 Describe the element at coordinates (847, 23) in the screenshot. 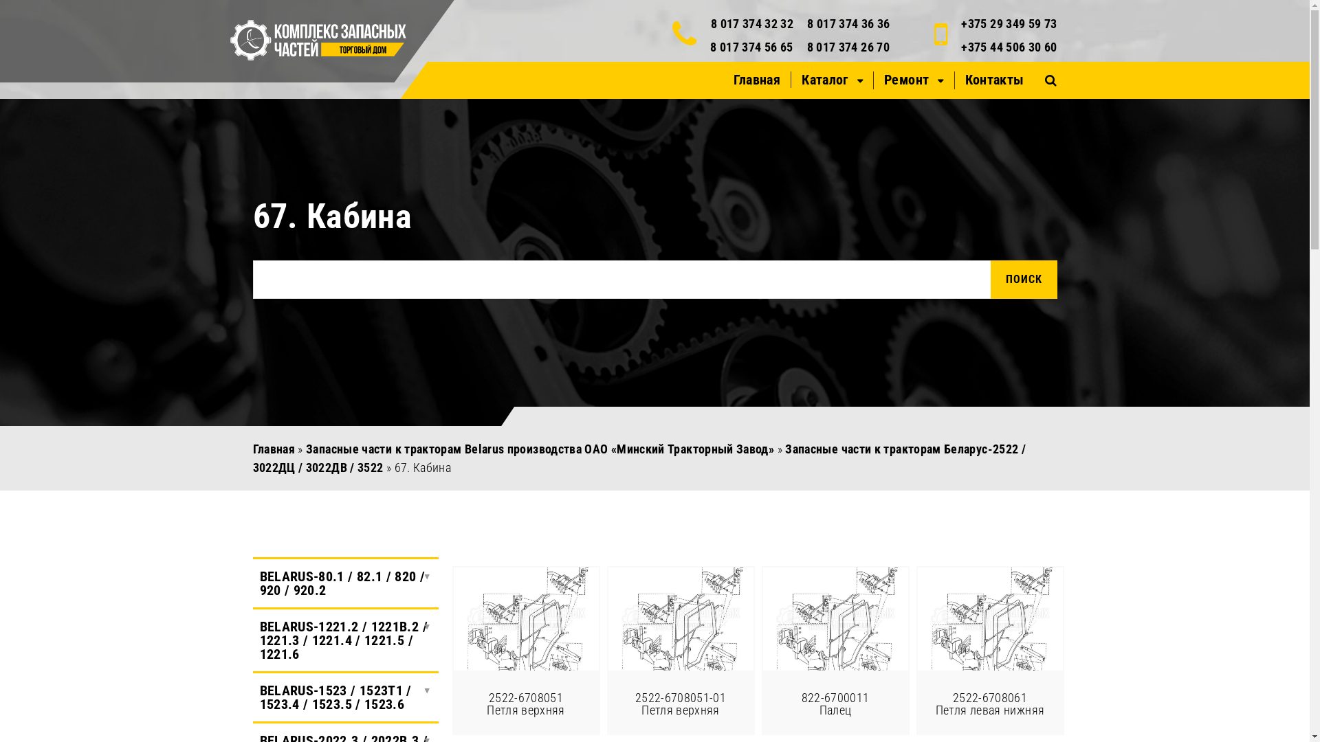

I see `'8 017 374 36 36'` at that location.